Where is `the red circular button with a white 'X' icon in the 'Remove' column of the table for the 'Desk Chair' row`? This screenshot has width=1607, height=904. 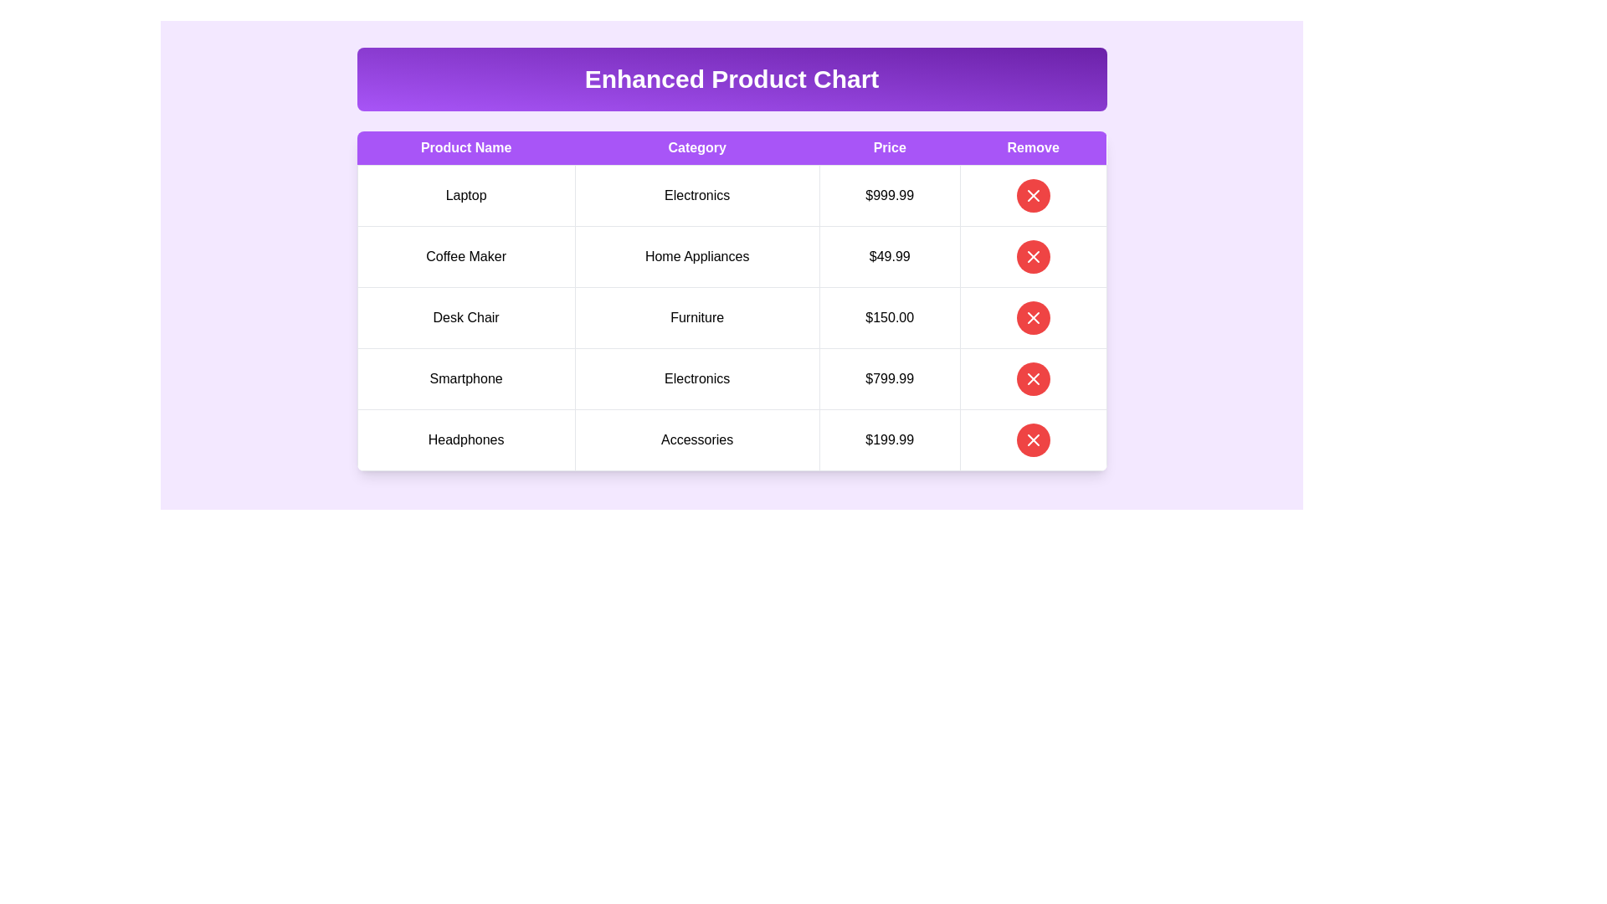 the red circular button with a white 'X' icon in the 'Remove' column of the table for the 'Desk Chair' row is located at coordinates (1032, 318).